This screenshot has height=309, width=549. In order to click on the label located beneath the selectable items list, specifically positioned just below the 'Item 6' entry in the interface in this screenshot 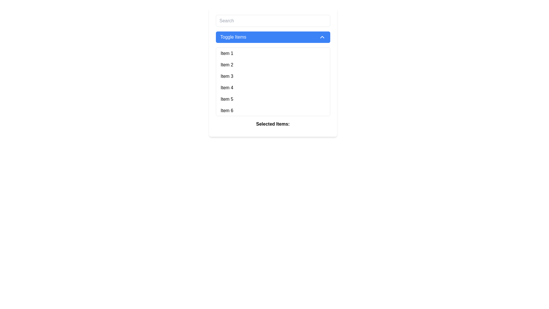, I will do `click(272, 125)`.